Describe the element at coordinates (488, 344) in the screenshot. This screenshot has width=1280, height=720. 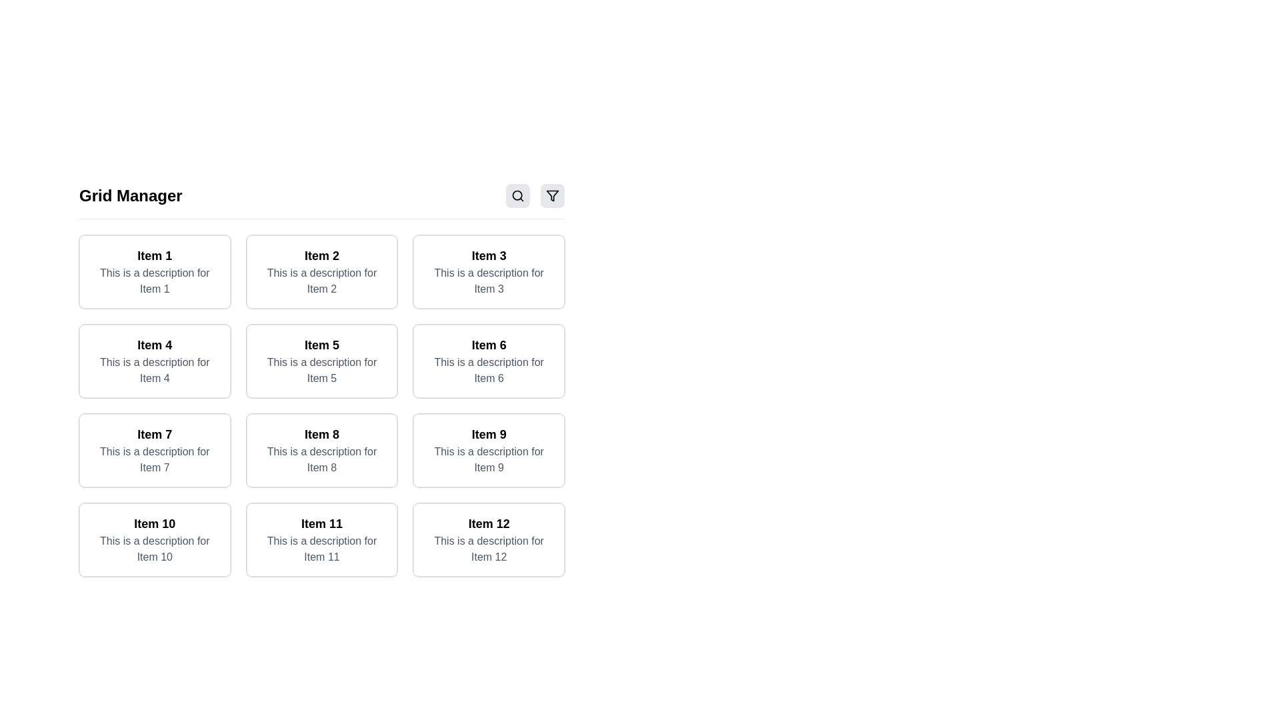
I see `text of the Text Label that serves as the title for the card located in the second row and third column of the grid layout` at that location.